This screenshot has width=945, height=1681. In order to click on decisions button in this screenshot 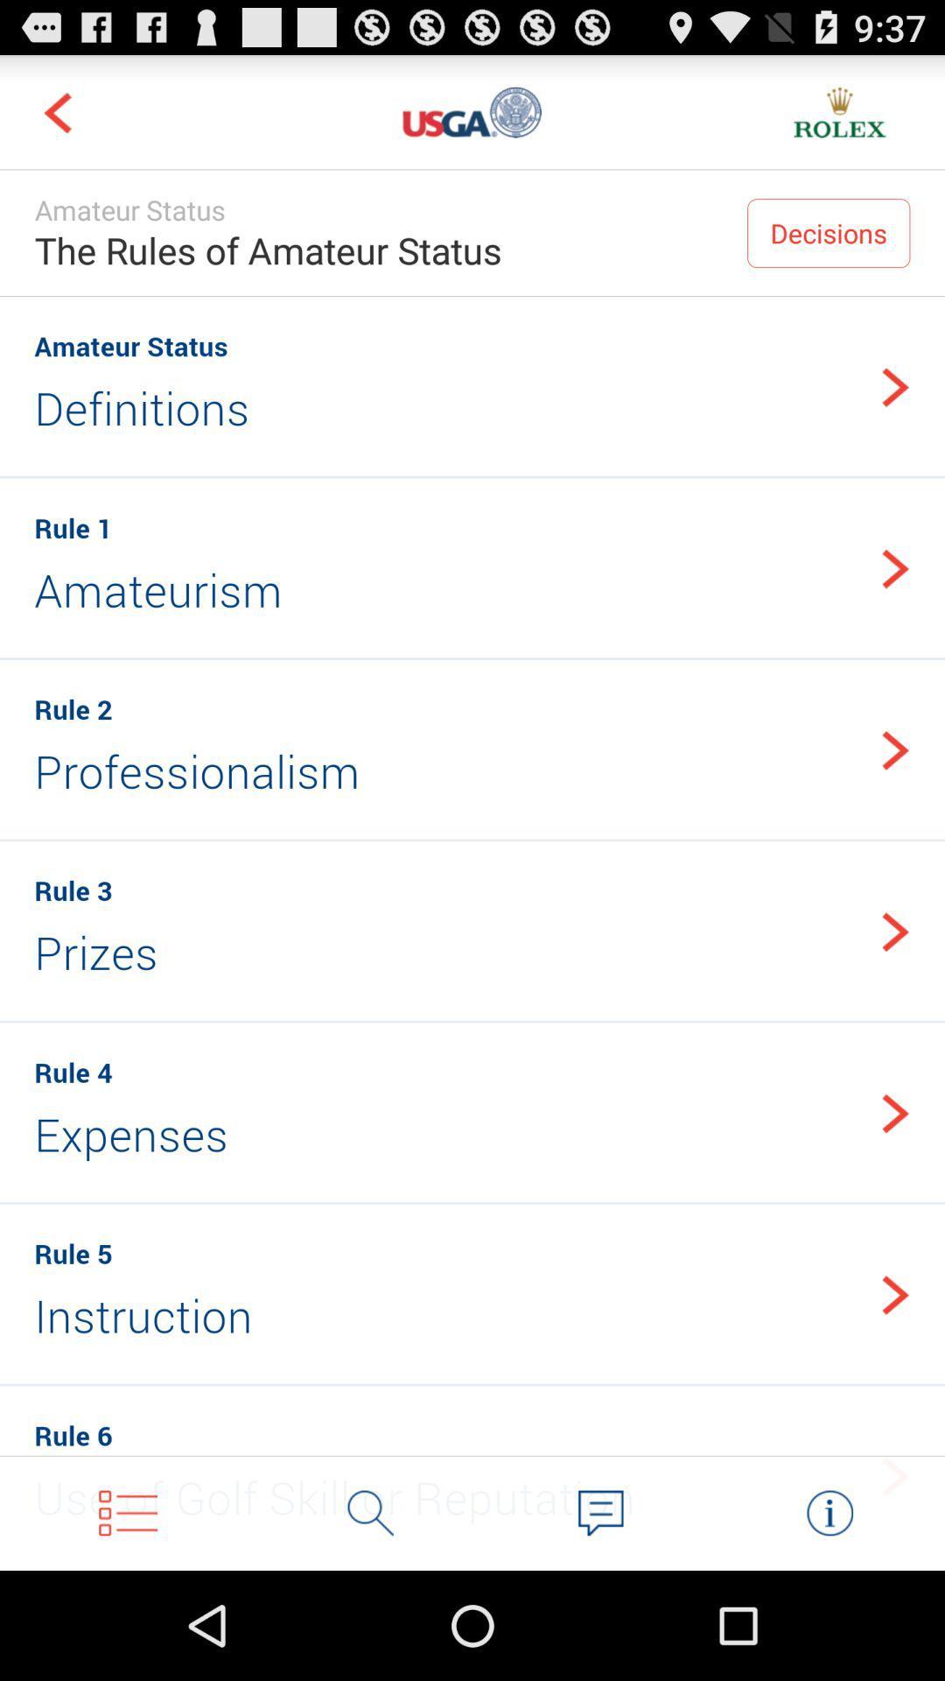, I will do `click(828, 232)`.